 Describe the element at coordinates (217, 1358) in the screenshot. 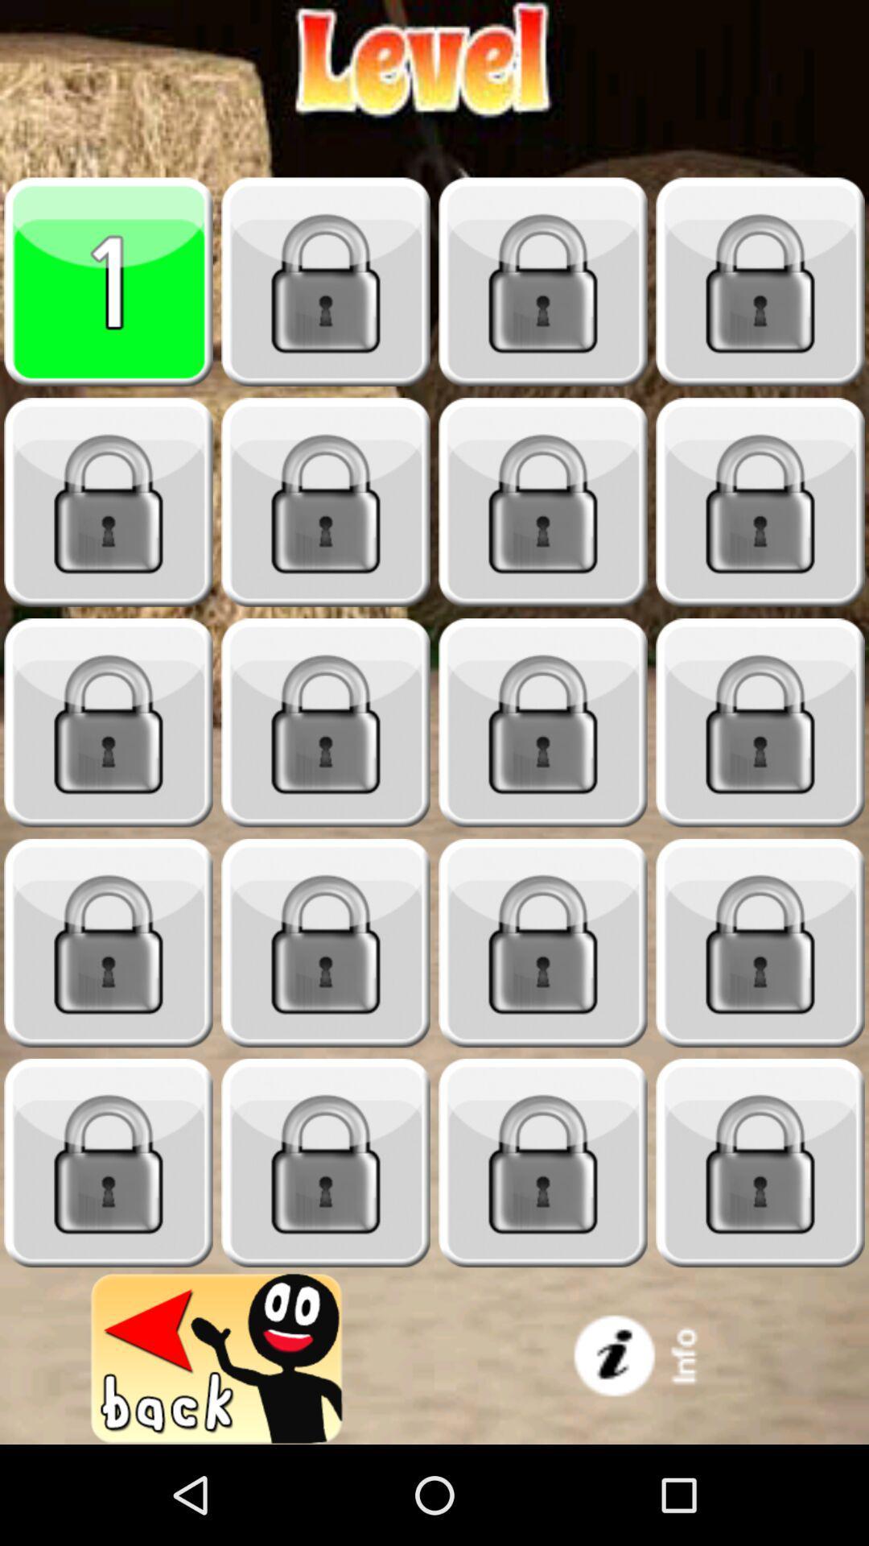

I see `go back` at that location.